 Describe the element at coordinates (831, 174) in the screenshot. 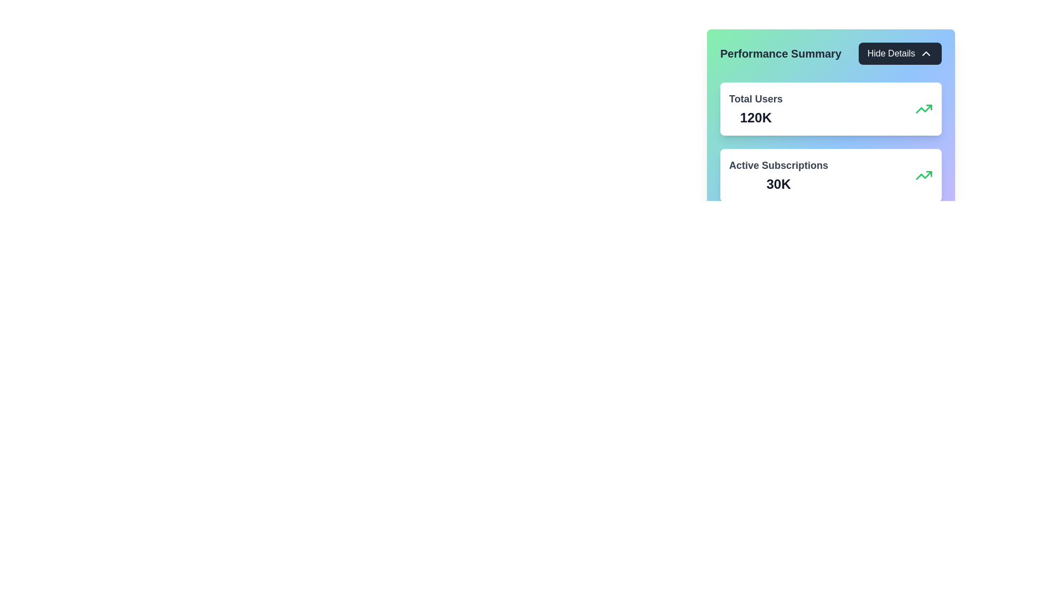

I see `the 'Active Subscriptions' Info card, which is the second card in a vertical list of performance metrics` at that location.